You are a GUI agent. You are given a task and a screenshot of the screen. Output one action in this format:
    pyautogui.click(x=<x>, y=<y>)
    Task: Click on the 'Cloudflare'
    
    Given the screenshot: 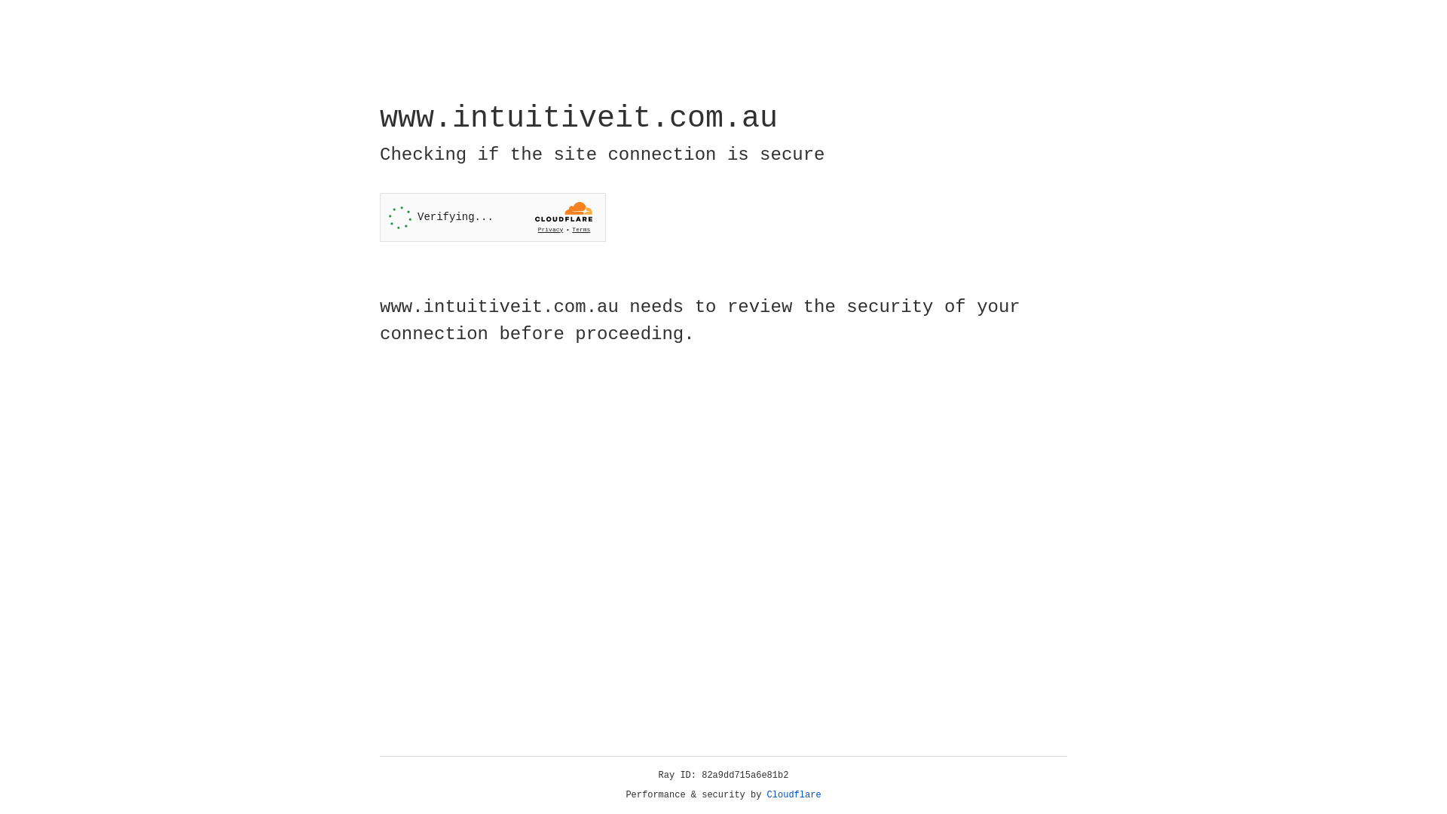 What is the action you would take?
    pyautogui.click(x=794, y=794)
    